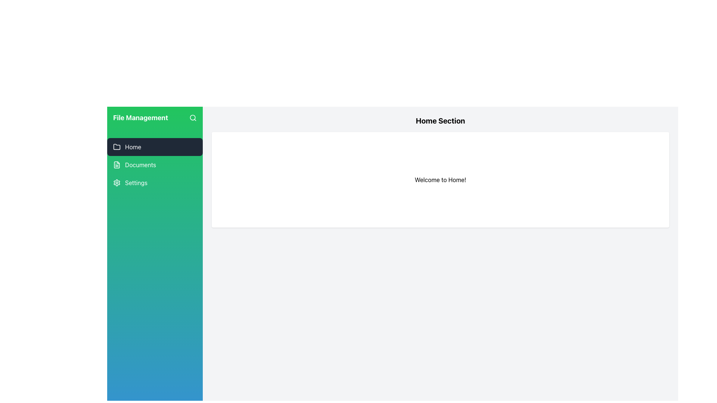  I want to click on the settings icon located at the bottom of the navigation sidebar, so click(116, 182).